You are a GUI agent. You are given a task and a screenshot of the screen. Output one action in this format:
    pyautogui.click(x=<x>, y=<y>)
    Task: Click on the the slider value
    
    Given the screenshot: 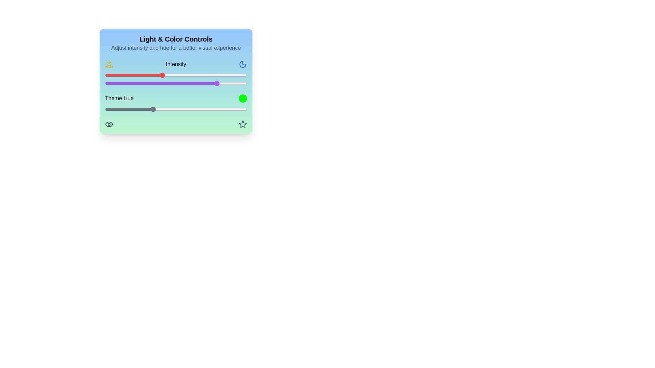 What is the action you would take?
    pyautogui.click(x=131, y=109)
    